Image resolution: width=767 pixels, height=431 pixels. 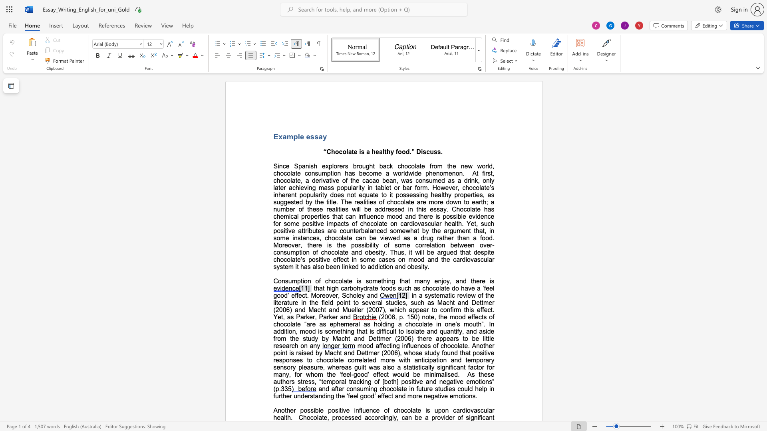 What do you see at coordinates (442, 288) in the screenshot?
I see `the 5th character "a" in the text` at bounding box center [442, 288].